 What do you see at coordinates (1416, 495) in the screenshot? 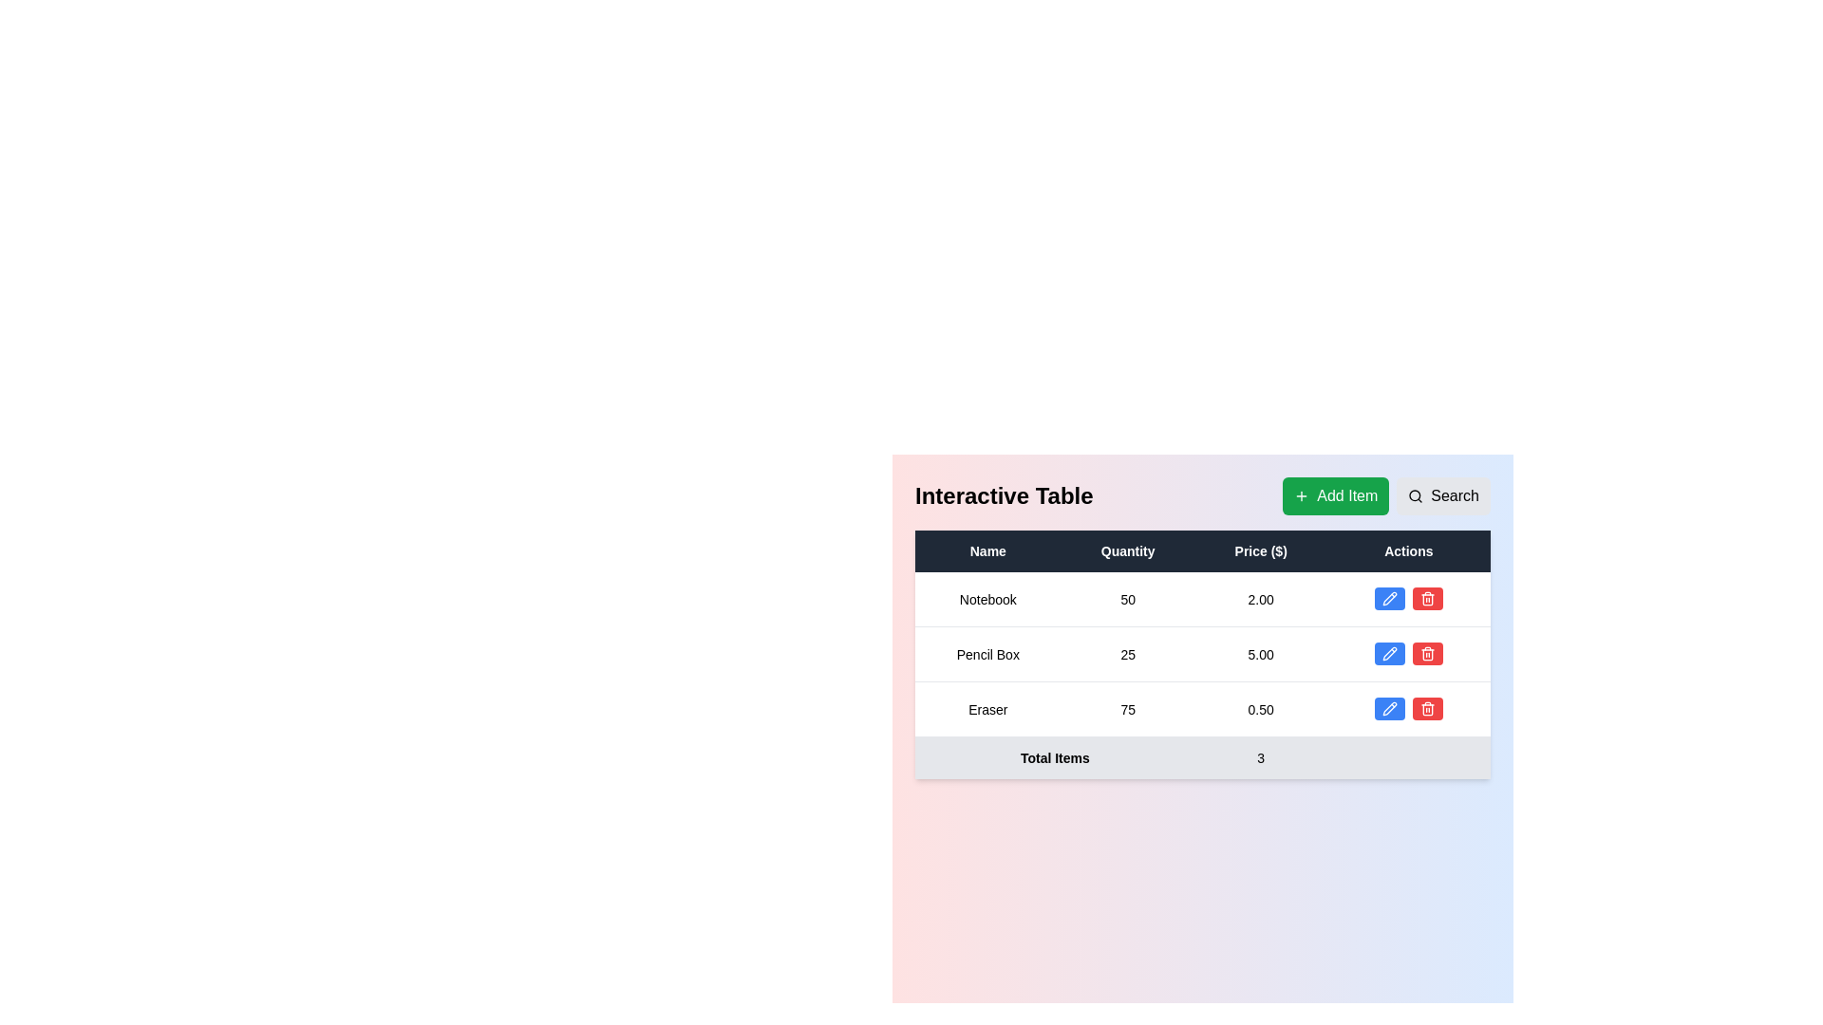
I see `the magnifying glass icon representing search functionality, located within the 'Search' button in the top-right corner of the interface` at bounding box center [1416, 495].